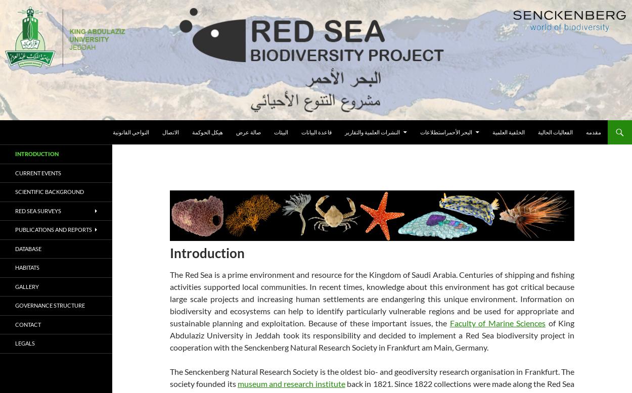 The image size is (632, 393). Describe the element at coordinates (15, 132) in the screenshot. I see `'Red Sea Biodiversity Project'` at that location.